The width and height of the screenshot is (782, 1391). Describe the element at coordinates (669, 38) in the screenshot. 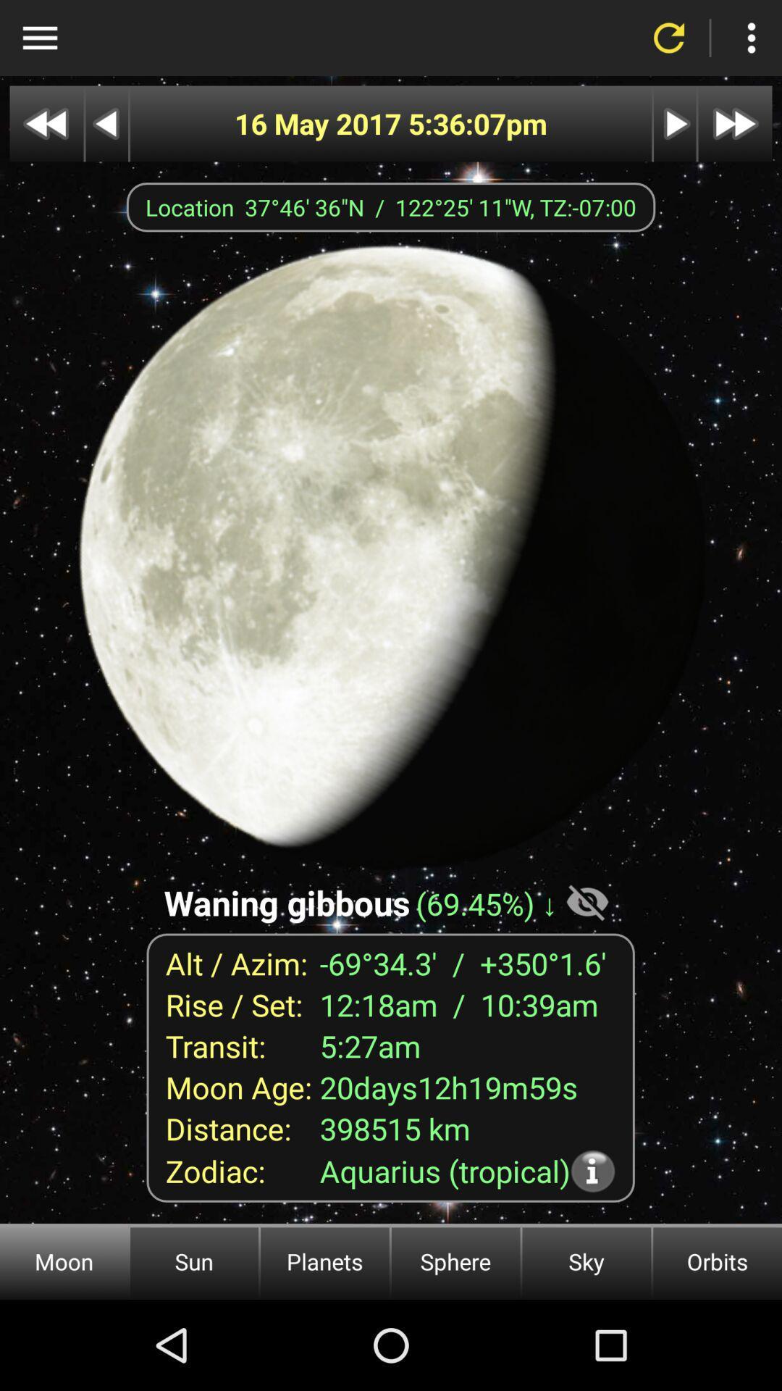

I see `the refresh icon` at that location.